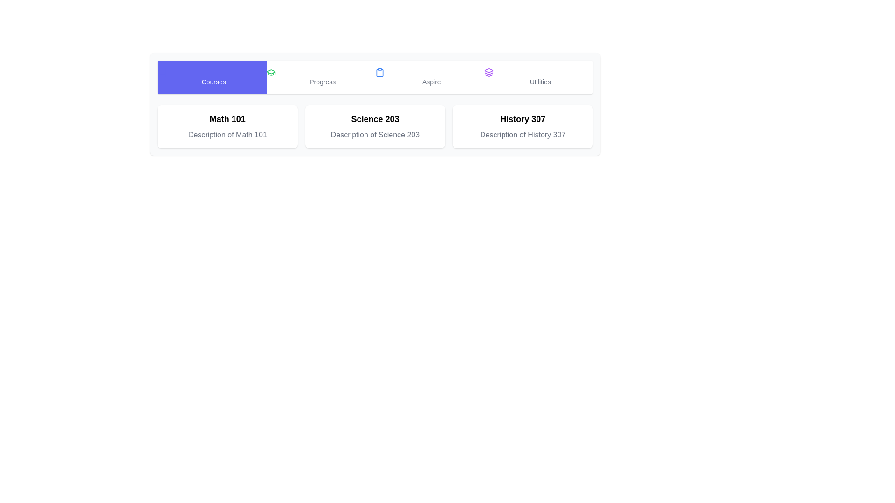  What do you see at coordinates (429, 76) in the screenshot?
I see `the 'Aspire' button, which features a blue clipboard icon and gray text, positioned between the 'Progress' and 'Utilities' sections in the horizontal list` at bounding box center [429, 76].